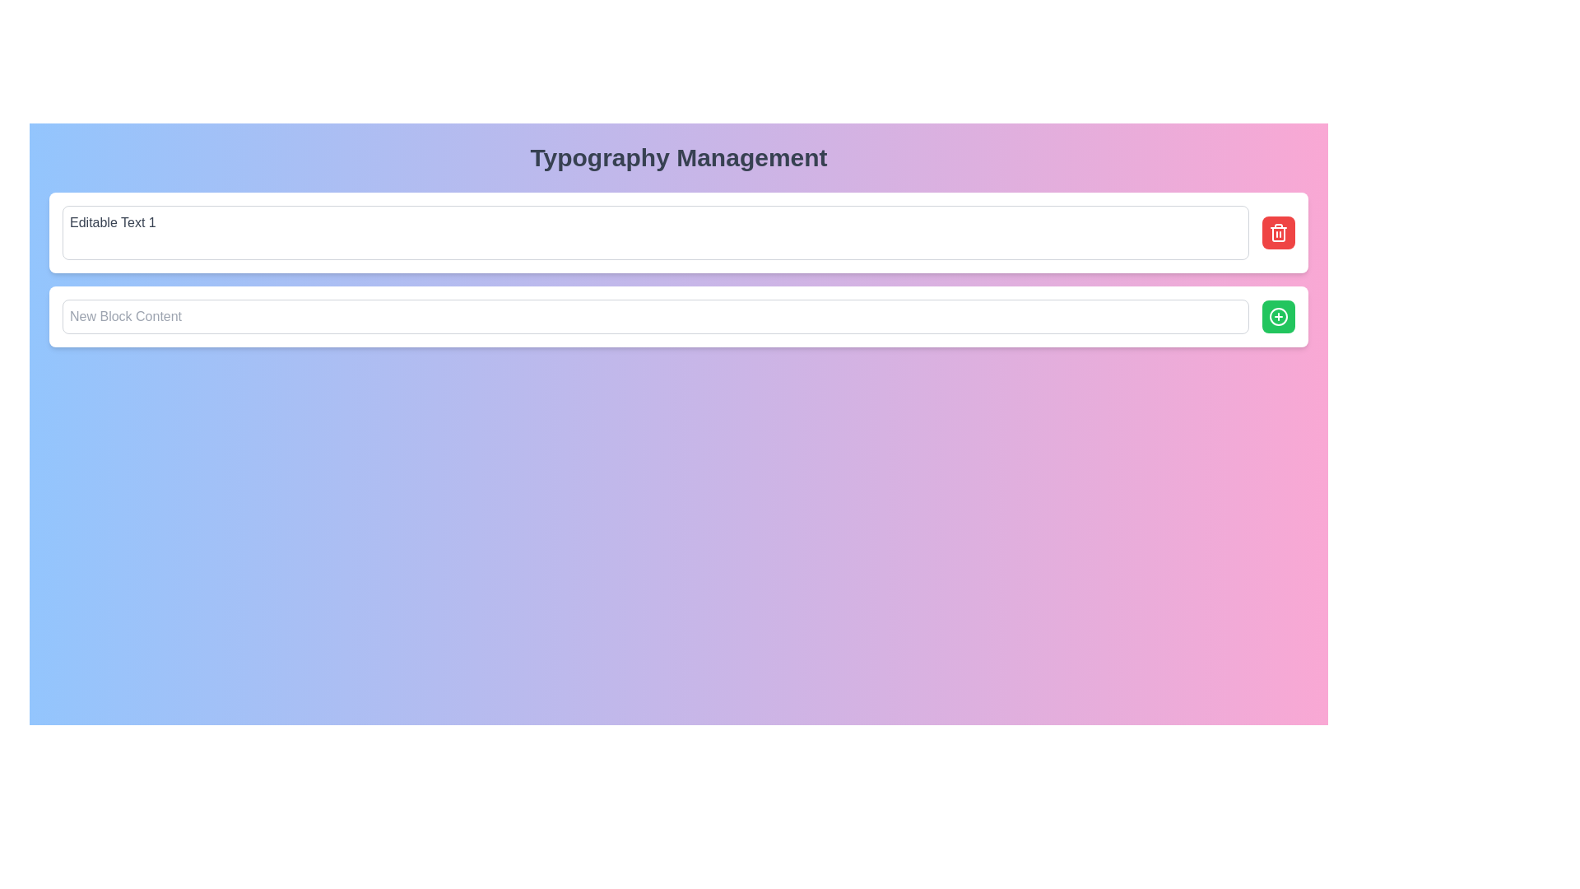  What do you see at coordinates (679, 158) in the screenshot?
I see `the bold and large-sized header text block 'Typography Management' positioned at the top of the interface with a gradient background` at bounding box center [679, 158].